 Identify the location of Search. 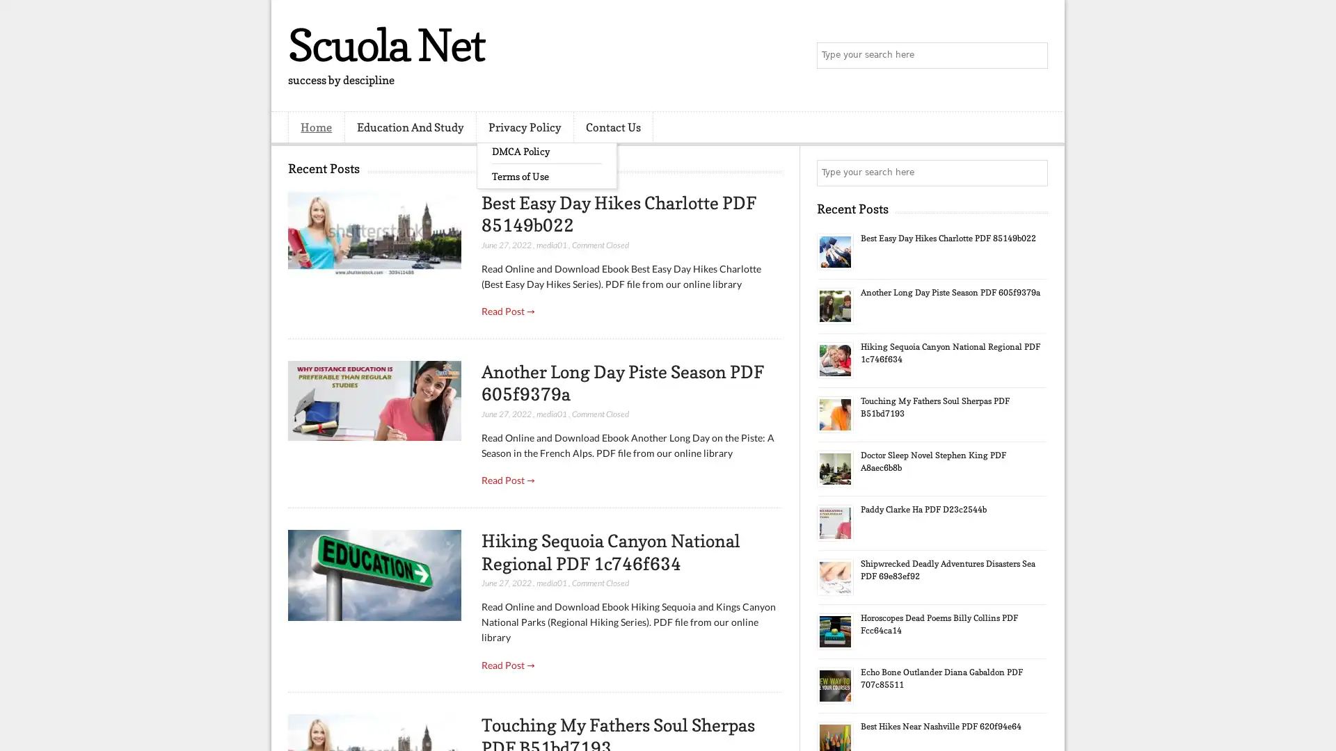
(1033, 56).